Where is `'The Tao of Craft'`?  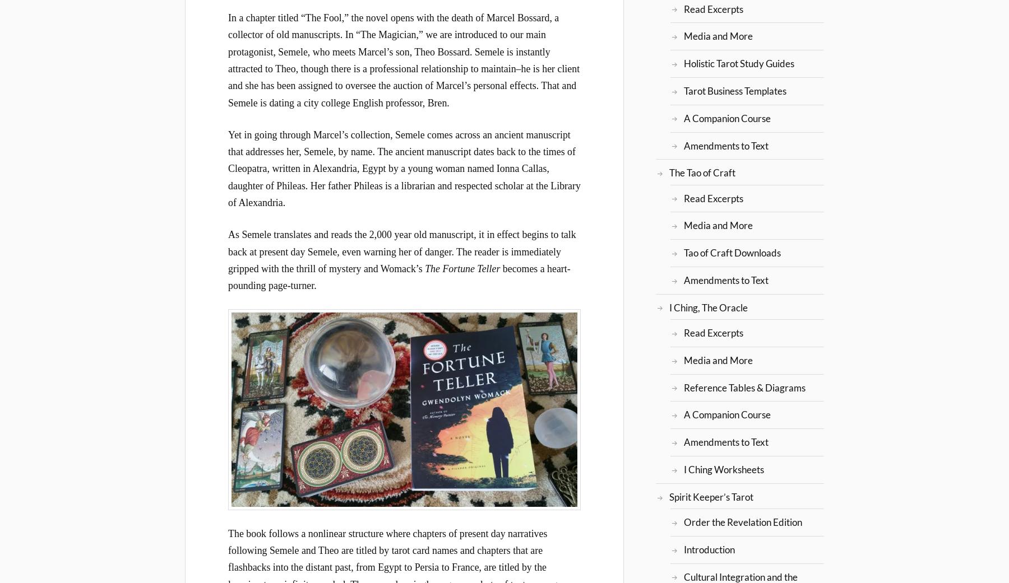
'The Tao of Craft' is located at coordinates (702, 172).